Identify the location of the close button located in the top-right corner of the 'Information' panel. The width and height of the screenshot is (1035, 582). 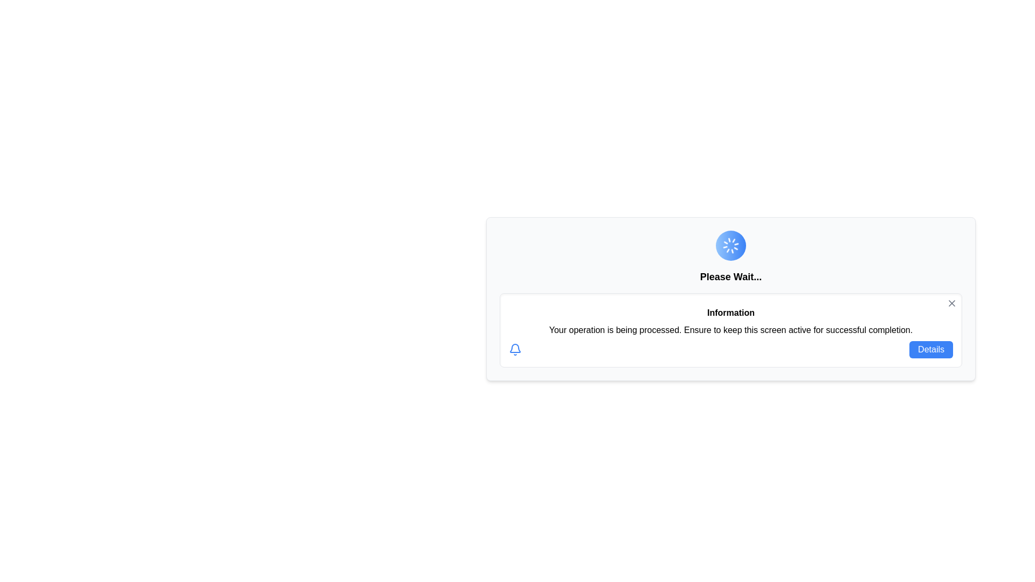
(952, 303).